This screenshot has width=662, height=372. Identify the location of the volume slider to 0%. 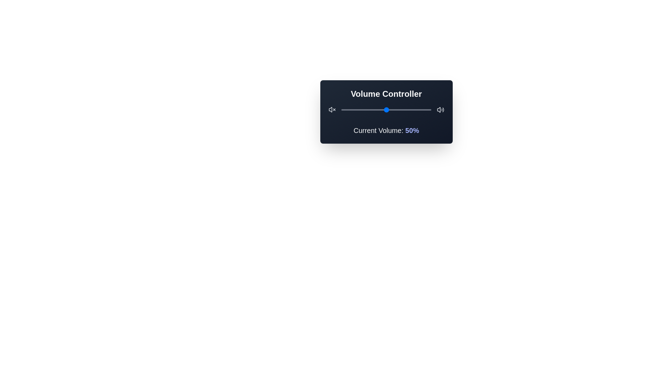
(341, 110).